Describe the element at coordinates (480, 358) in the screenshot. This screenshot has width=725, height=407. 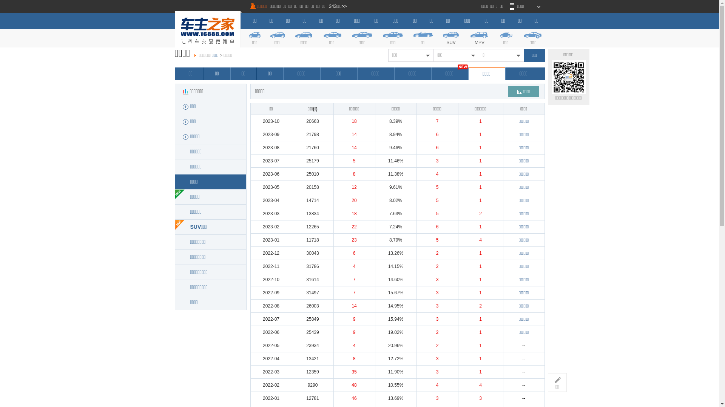
I see `'1'` at that location.